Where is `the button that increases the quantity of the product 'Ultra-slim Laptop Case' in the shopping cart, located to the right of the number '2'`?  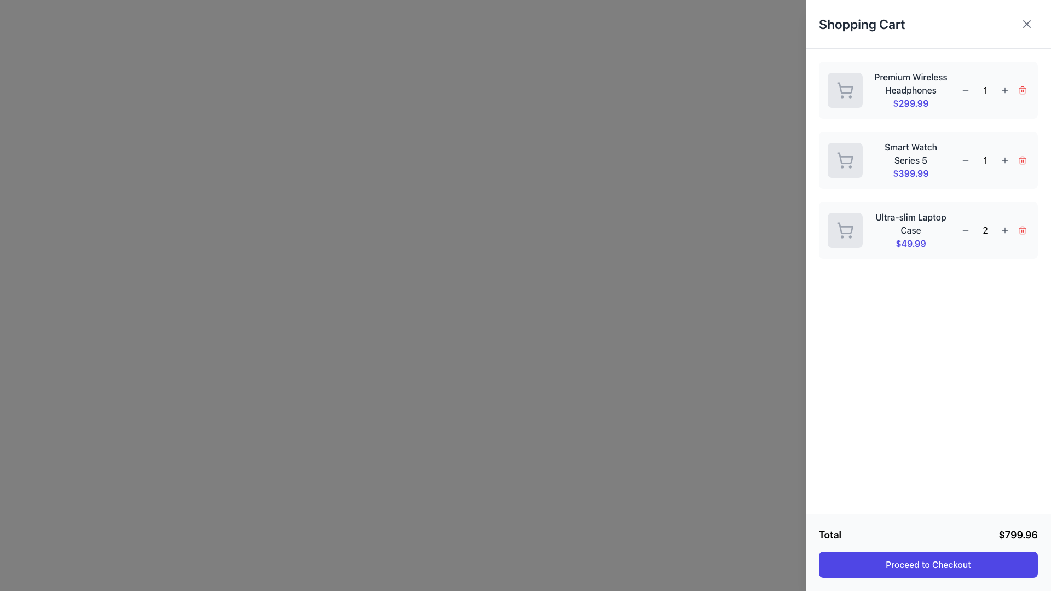 the button that increases the quantity of the product 'Ultra-slim Laptop Case' in the shopping cart, located to the right of the number '2' is located at coordinates (1005, 229).